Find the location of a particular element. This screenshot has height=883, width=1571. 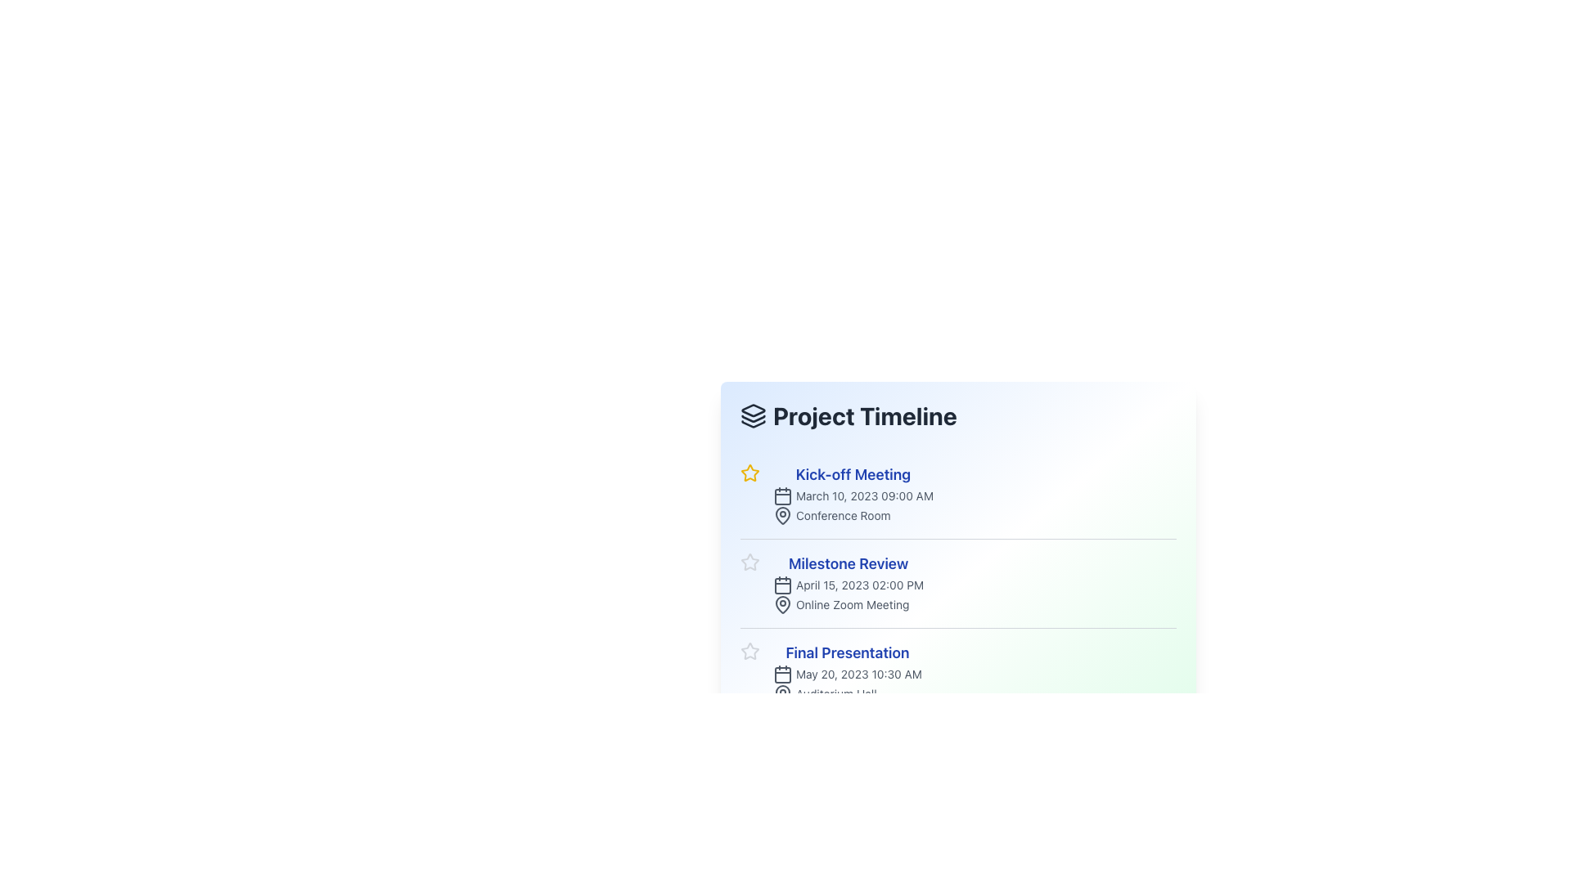

the text label displaying 'Final Presentation', which is styled with a large, bold, blue font and is positioned in the lower section of a vertical timeline layout is located at coordinates (848, 652).